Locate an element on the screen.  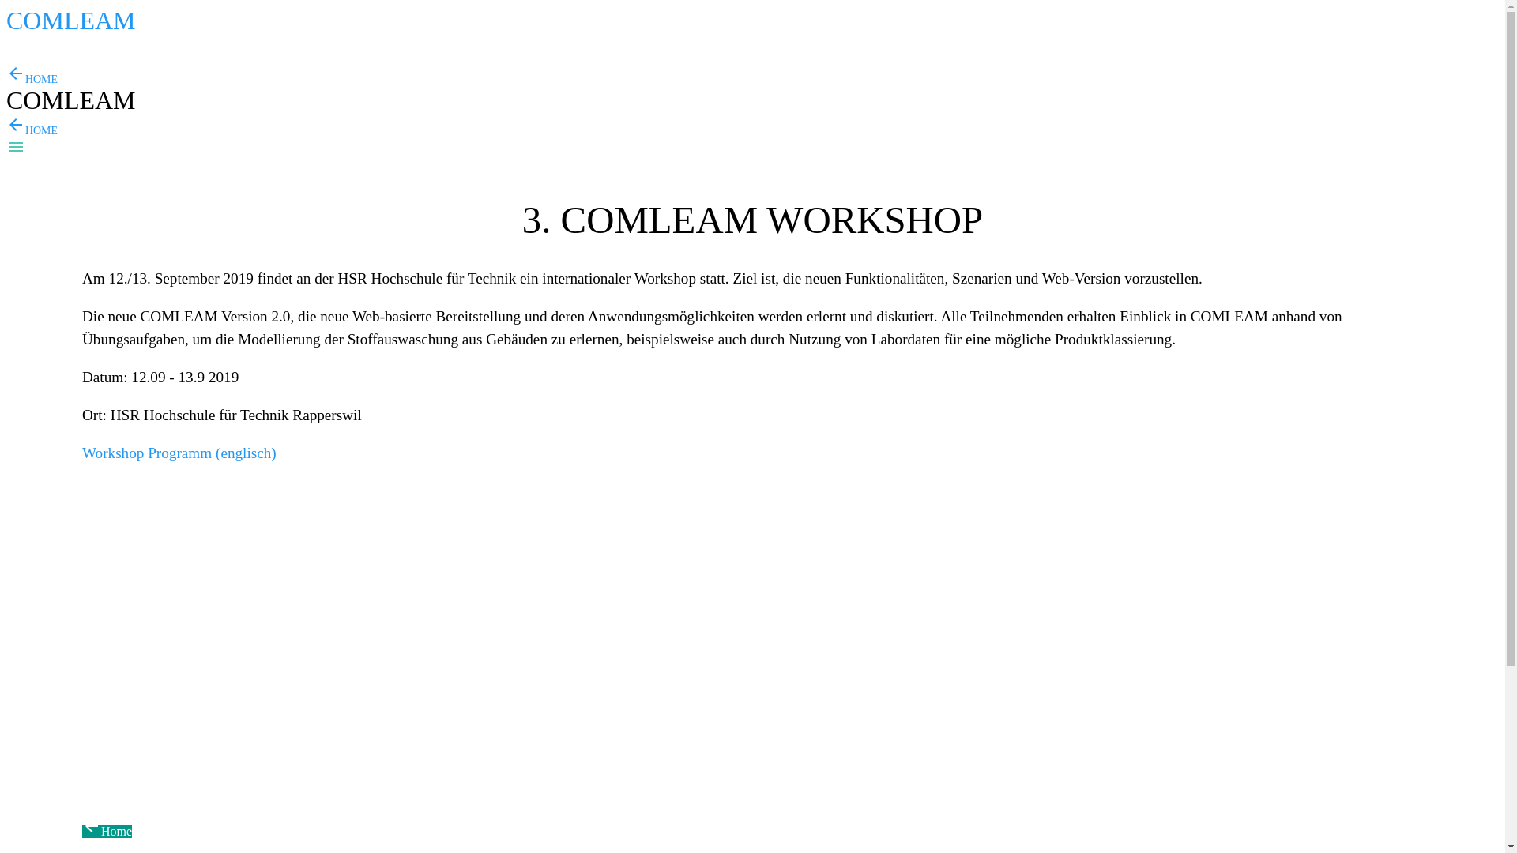
'arrow_backHOME' is located at coordinates (32, 130).